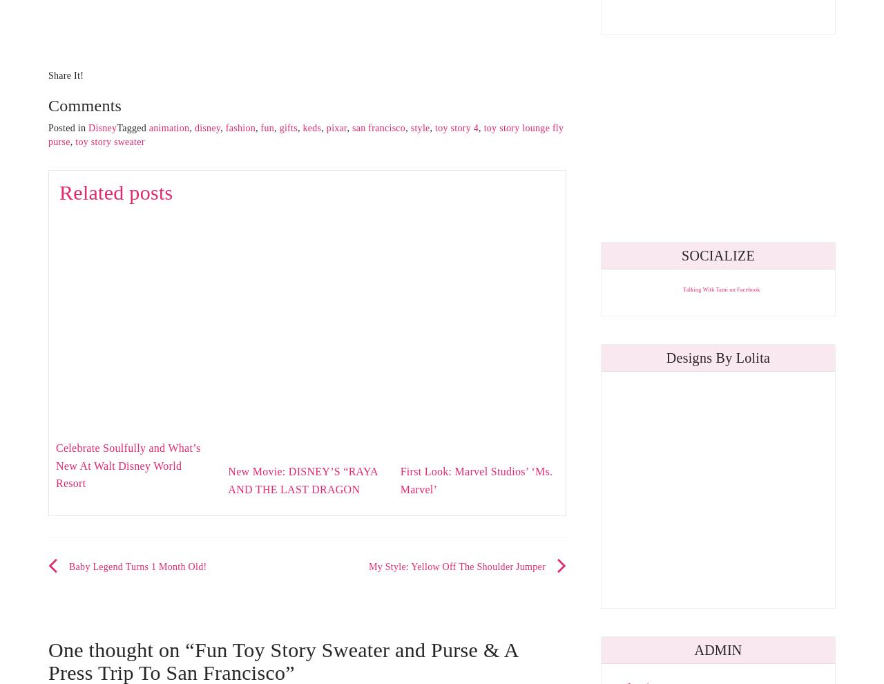  What do you see at coordinates (305, 135) in the screenshot?
I see `'toy story lounge fly purse'` at bounding box center [305, 135].